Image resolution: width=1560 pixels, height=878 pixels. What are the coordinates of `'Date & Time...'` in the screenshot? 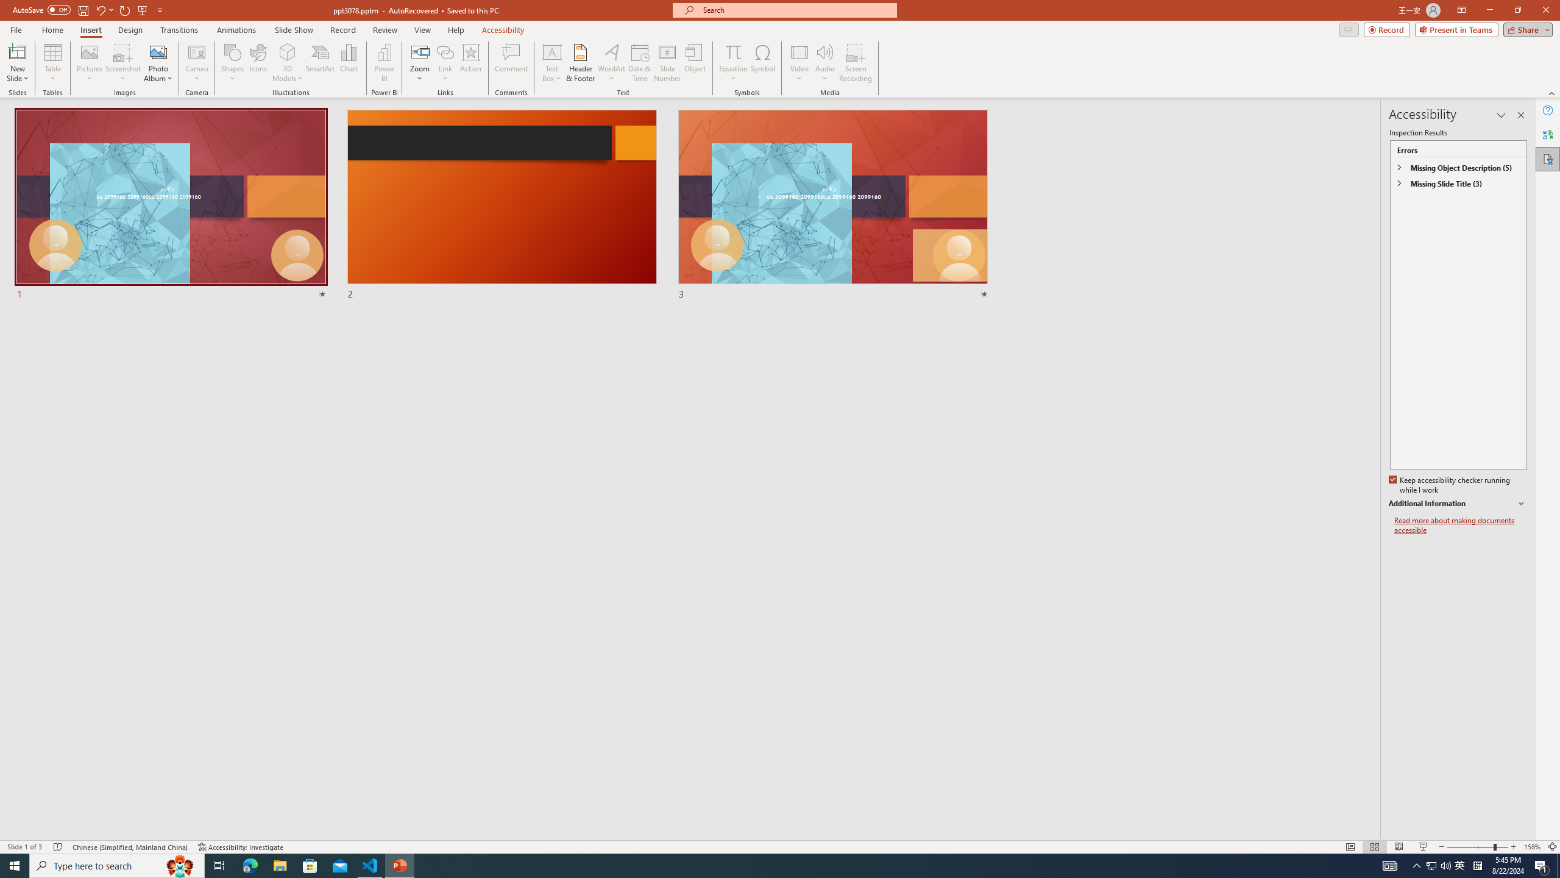 It's located at (639, 63).